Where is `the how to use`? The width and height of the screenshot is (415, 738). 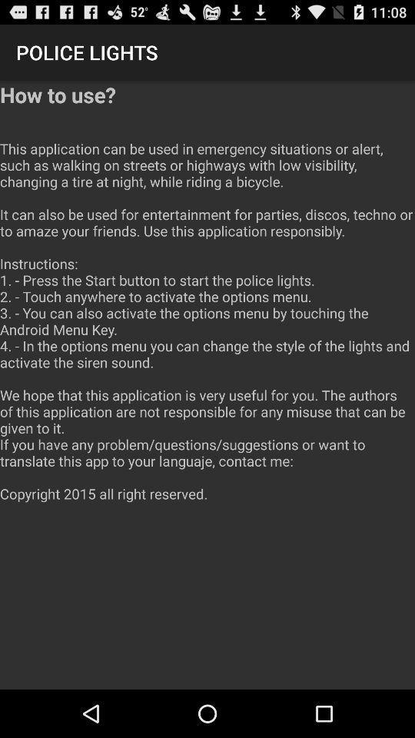
the how to use is located at coordinates (207, 299).